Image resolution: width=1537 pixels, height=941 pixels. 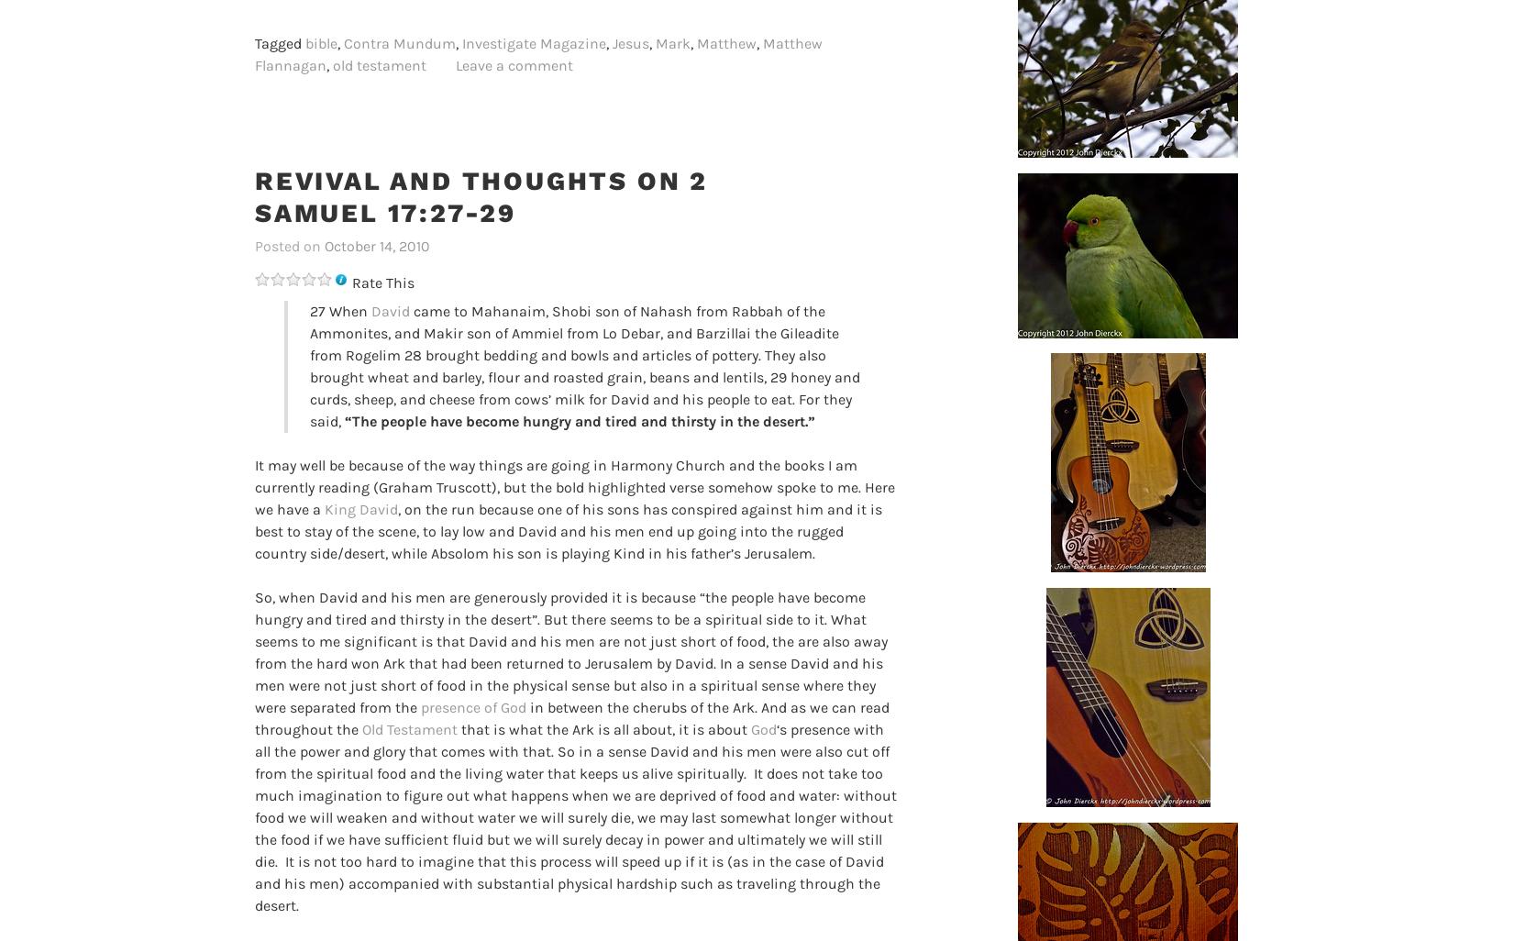 What do you see at coordinates (612, 42) in the screenshot?
I see `'Jesus'` at bounding box center [612, 42].